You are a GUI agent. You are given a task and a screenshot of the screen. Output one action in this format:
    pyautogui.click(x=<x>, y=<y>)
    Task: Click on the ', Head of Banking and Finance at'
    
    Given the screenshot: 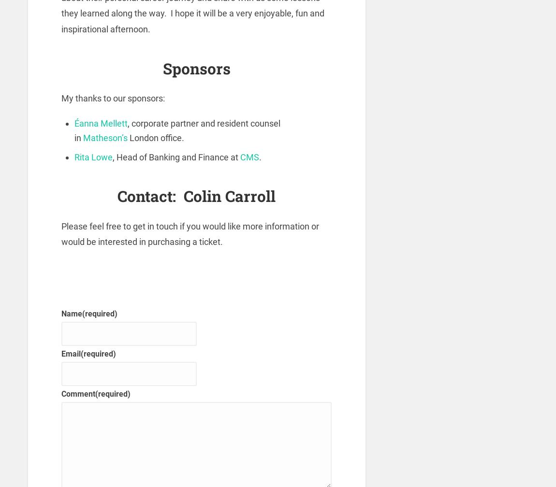 What is the action you would take?
    pyautogui.click(x=176, y=157)
    